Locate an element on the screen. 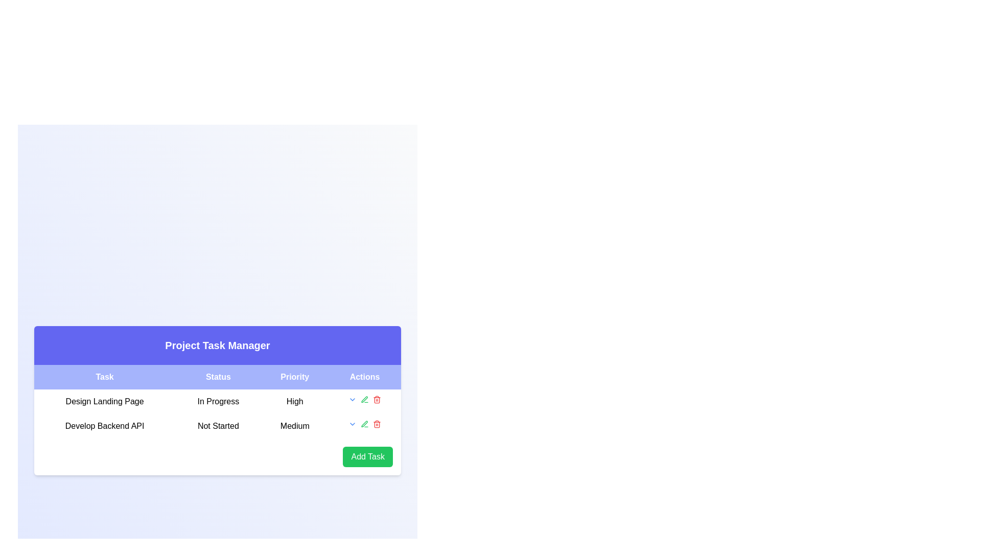  the first table row in the 'Project Task Manager' section is located at coordinates (217, 401).